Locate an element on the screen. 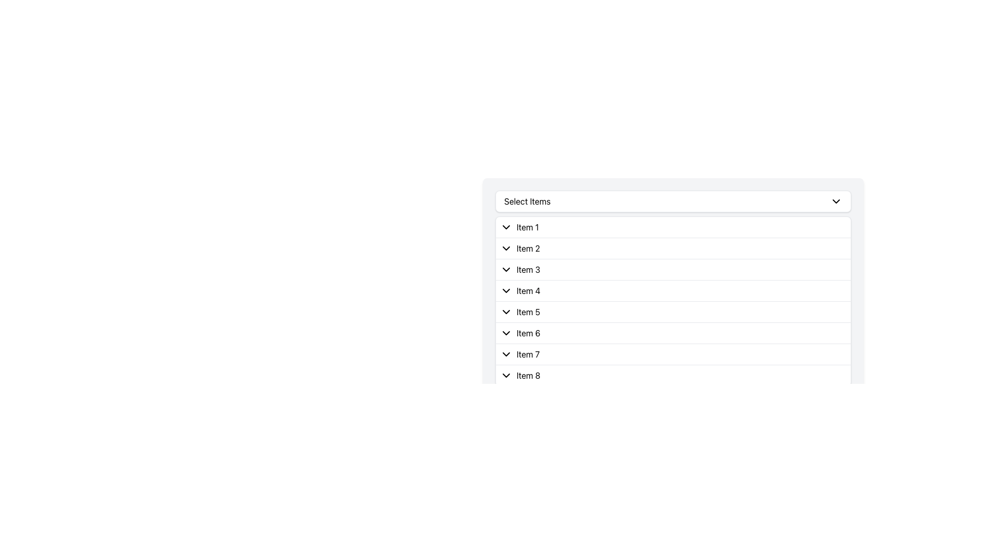  the List item with the text 'Item 4' and the downward-pointing chevron icon is located at coordinates (520, 291).